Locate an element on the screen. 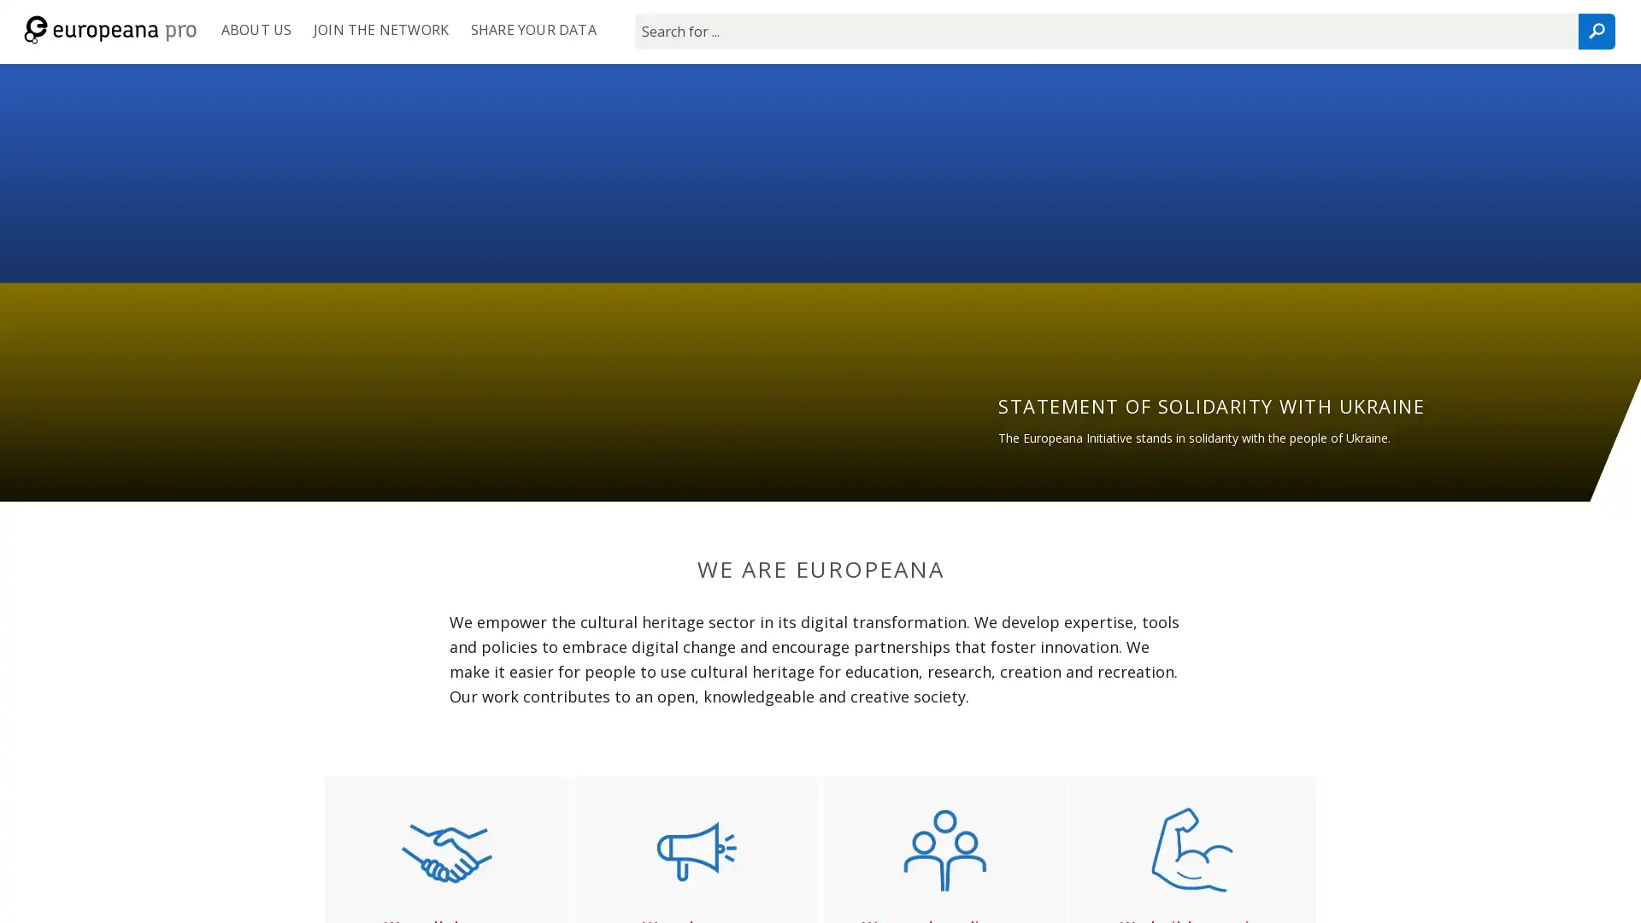 Image resolution: width=1641 pixels, height=923 pixels. SEARCH is located at coordinates (1595, 32).